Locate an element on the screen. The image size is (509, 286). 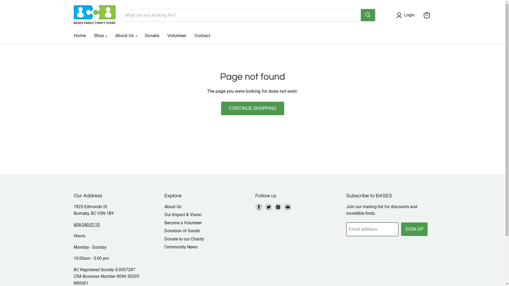
'Our Impact & Vision' is located at coordinates (183, 215).